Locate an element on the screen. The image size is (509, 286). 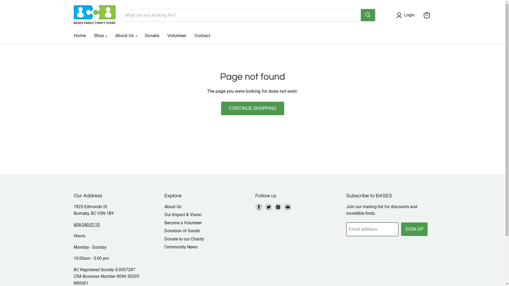
'Our Impact & Vision' is located at coordinates (183, 215).